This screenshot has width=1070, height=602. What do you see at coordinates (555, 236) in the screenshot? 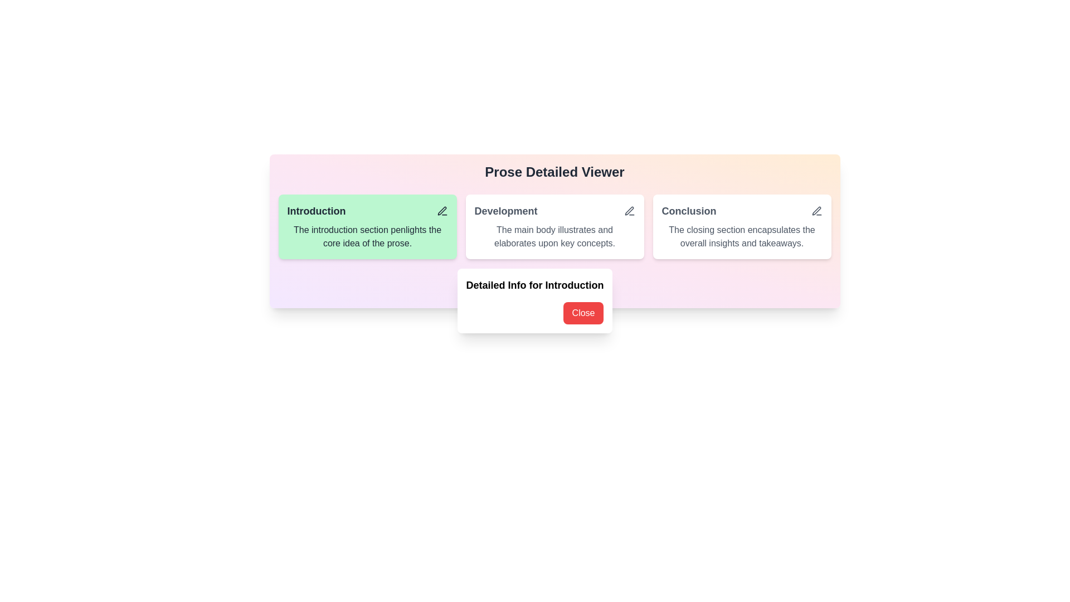
I see `informative text label located centrally within the 'Development' card, positioned below the title 'Development' and to the left of a pen icon` at bounding box center [555, 236].